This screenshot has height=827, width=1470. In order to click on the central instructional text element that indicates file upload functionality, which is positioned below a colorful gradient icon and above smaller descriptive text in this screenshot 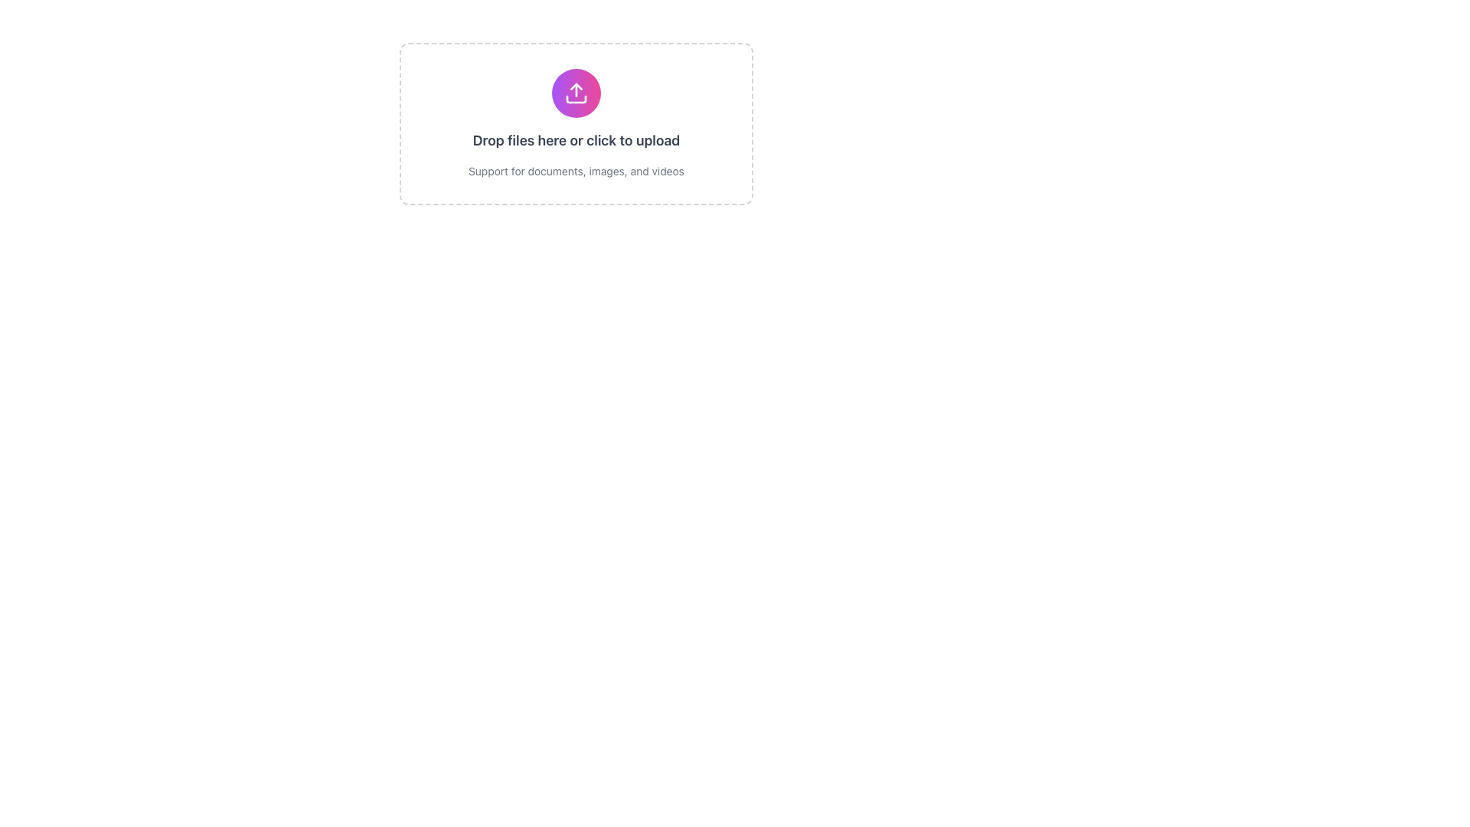, I will do `click(576, 141)`.